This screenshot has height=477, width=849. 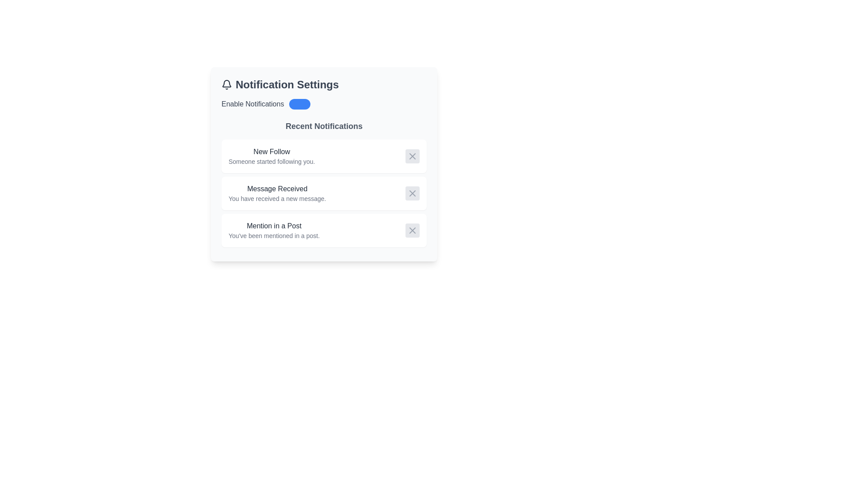 I want to click on the bell icon representing notifications, located beside the 'Notification Settings' text in the header section, so click(x=227, y=85).